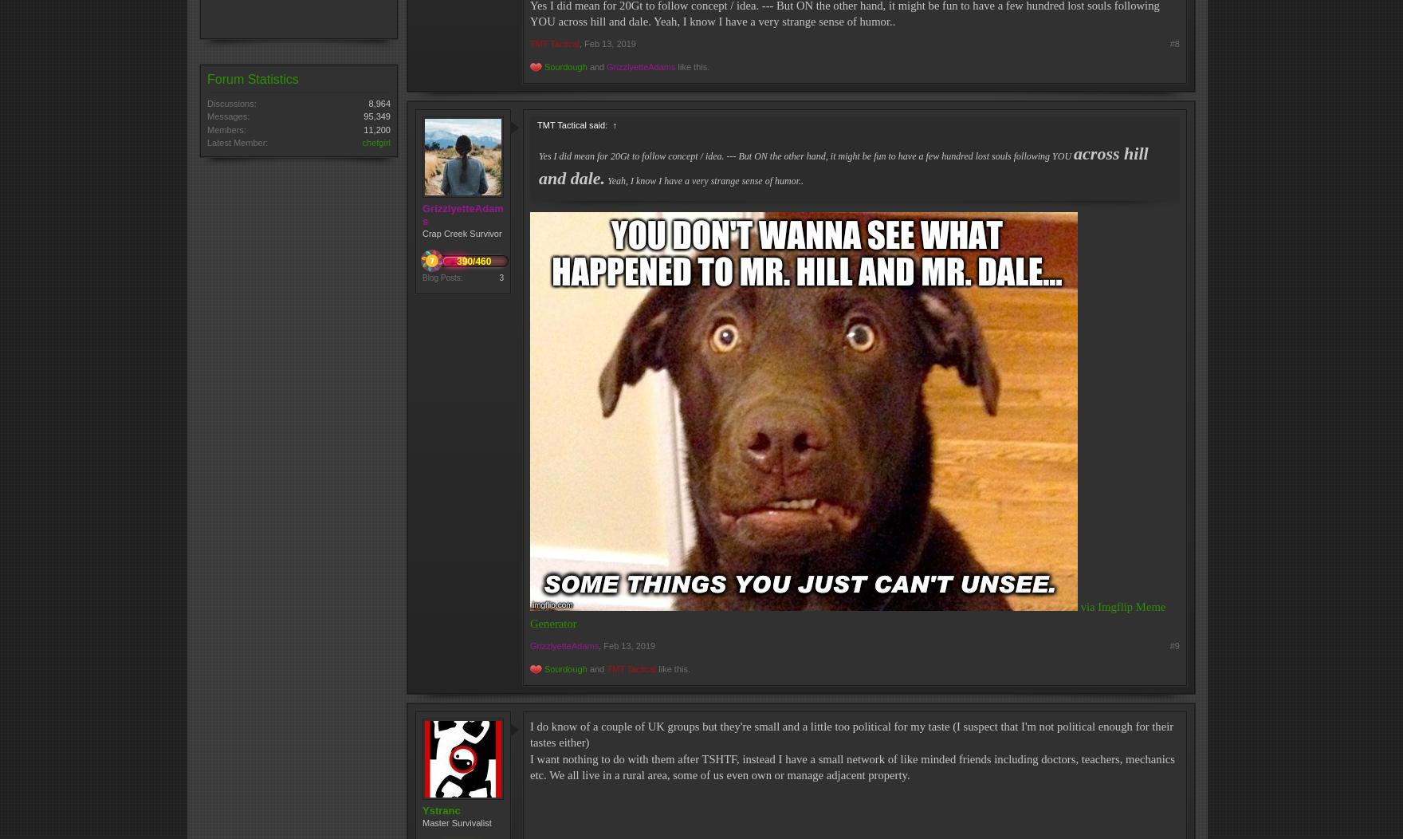 This screenshot has width=1403, height=839. I want to click on 'Blog Posts:', so click(422, 276).